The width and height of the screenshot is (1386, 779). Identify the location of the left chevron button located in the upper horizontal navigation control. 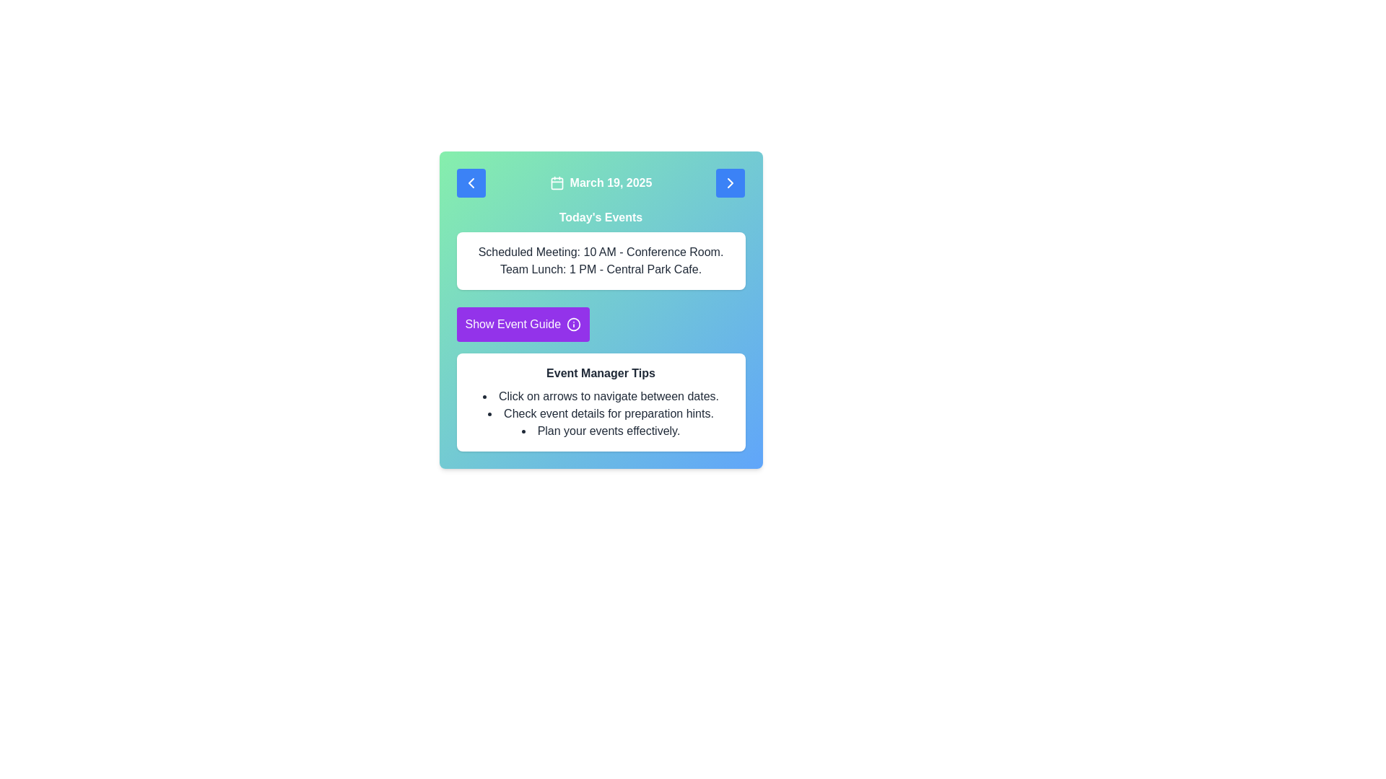
(471, 182).